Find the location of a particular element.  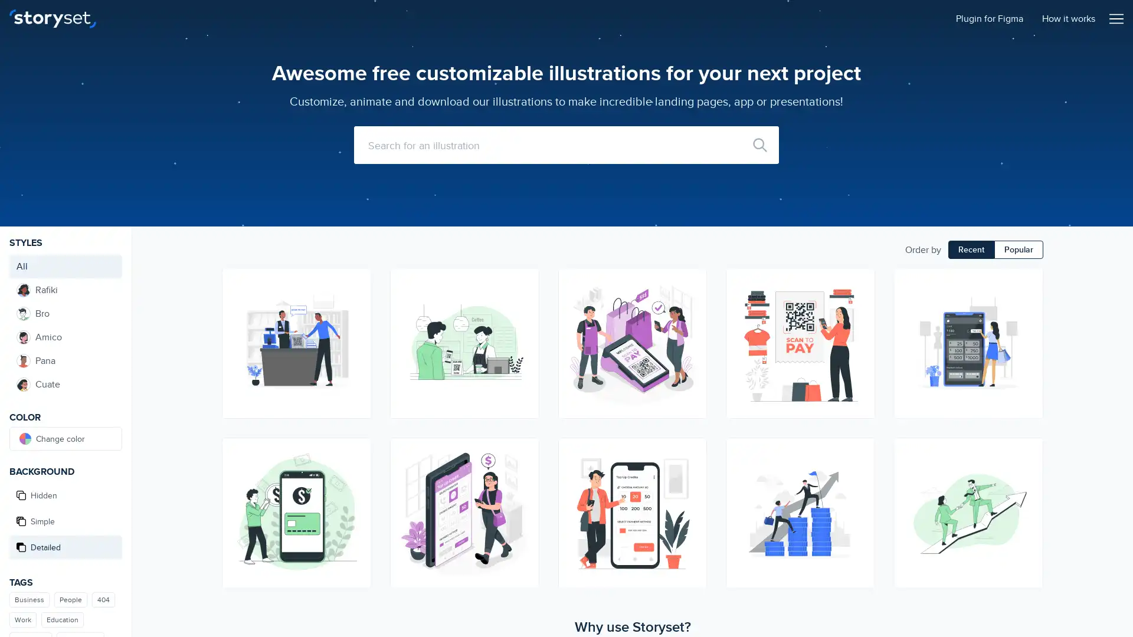

download icon Download is located at coordinates (1027, 304).